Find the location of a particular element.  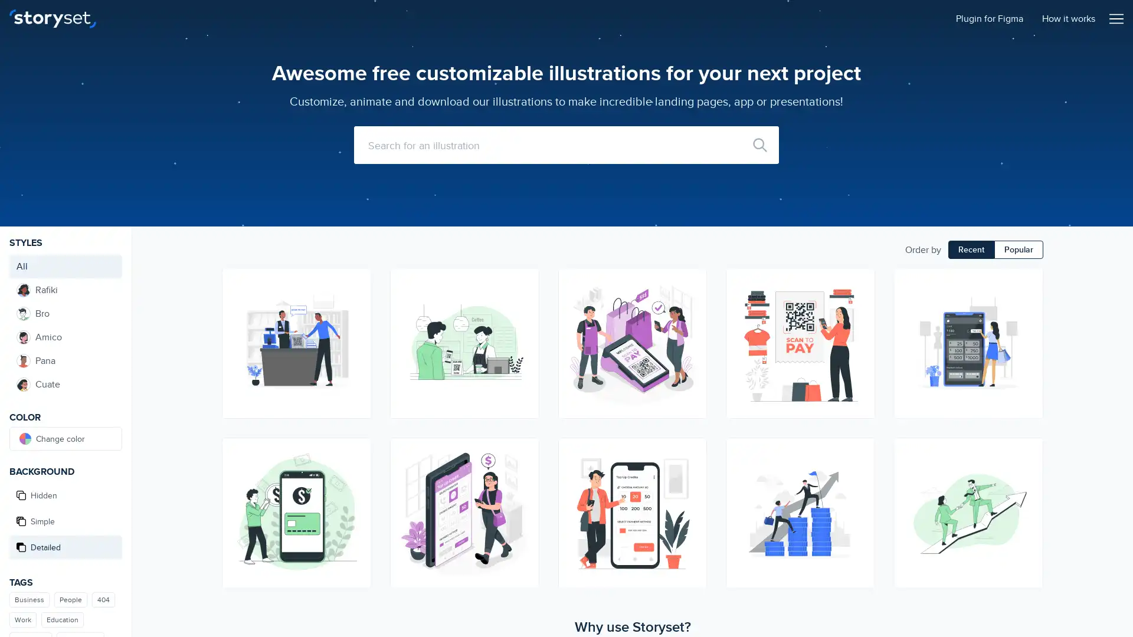

download icon Download is located at coordinates (1027, 304).